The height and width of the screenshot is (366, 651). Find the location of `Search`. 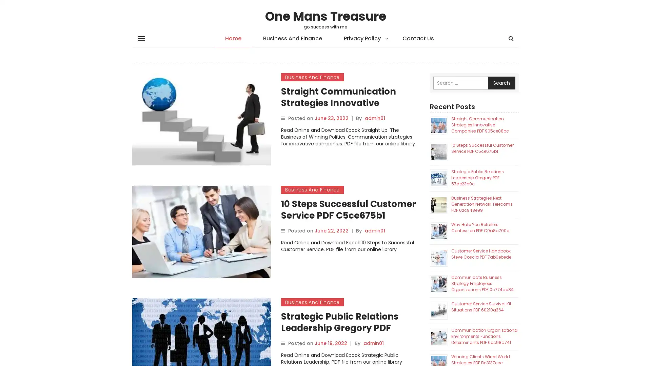

Search is located at coordinates (501, 83).